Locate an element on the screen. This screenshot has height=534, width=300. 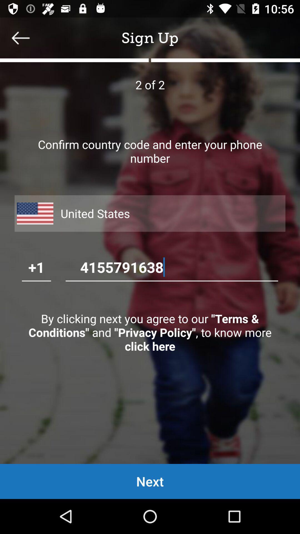
go back is located at coordinates (20, 38).